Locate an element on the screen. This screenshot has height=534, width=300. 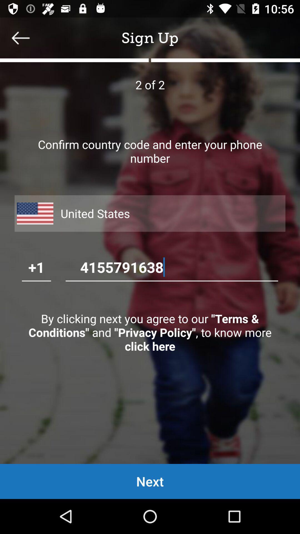
go back is located at coordinates (20, 38).